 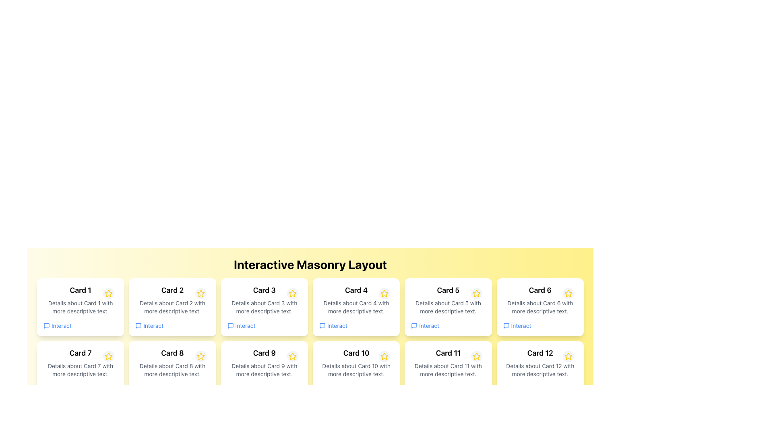 I want to click on the text label 'Card 2' which is the header in the second card of the grid layout, prominently displayed at the top, so click(x=172, y=290).